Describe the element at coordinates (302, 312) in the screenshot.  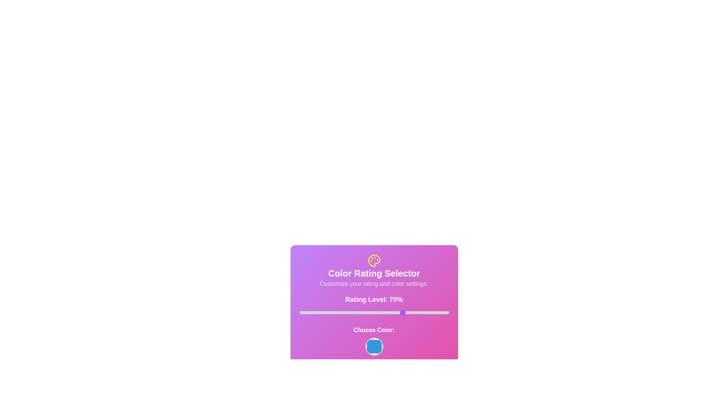
I see `the slider to set the rating to 2` at that location.